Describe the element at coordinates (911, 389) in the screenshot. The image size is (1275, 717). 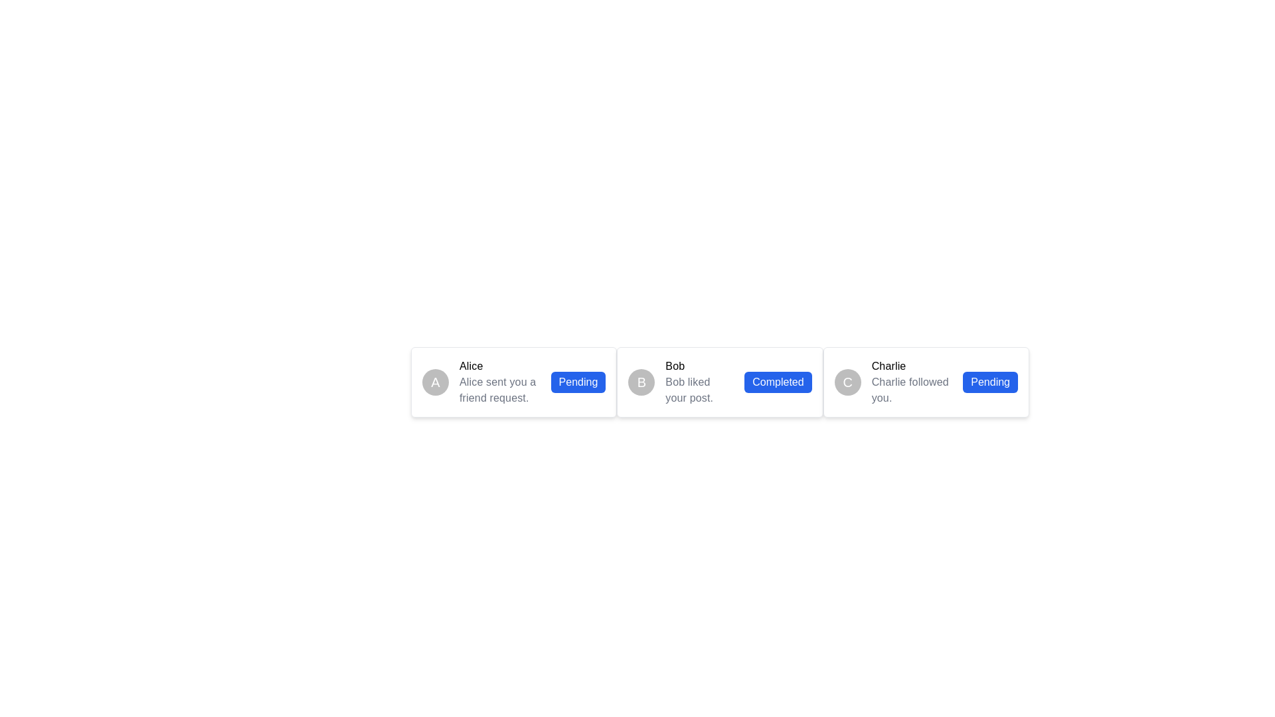
I see `the static text label that notifies the user that 'Charlie' has followed them, located below the bold 'Charlie' label in the third user notification card` at that location.